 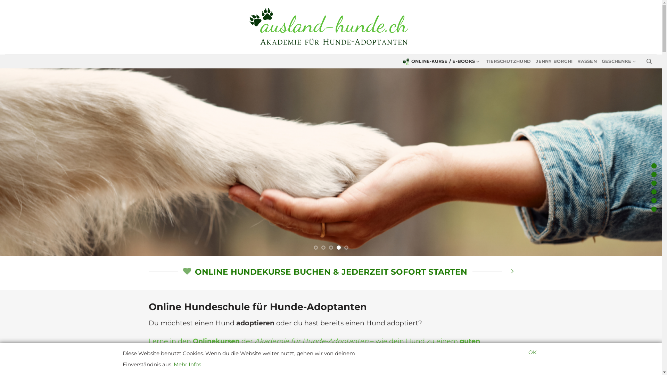 What do you see at coordinates (532, 352) in the screenshot?
I see `'OK'` at bounding box center [532, 352].